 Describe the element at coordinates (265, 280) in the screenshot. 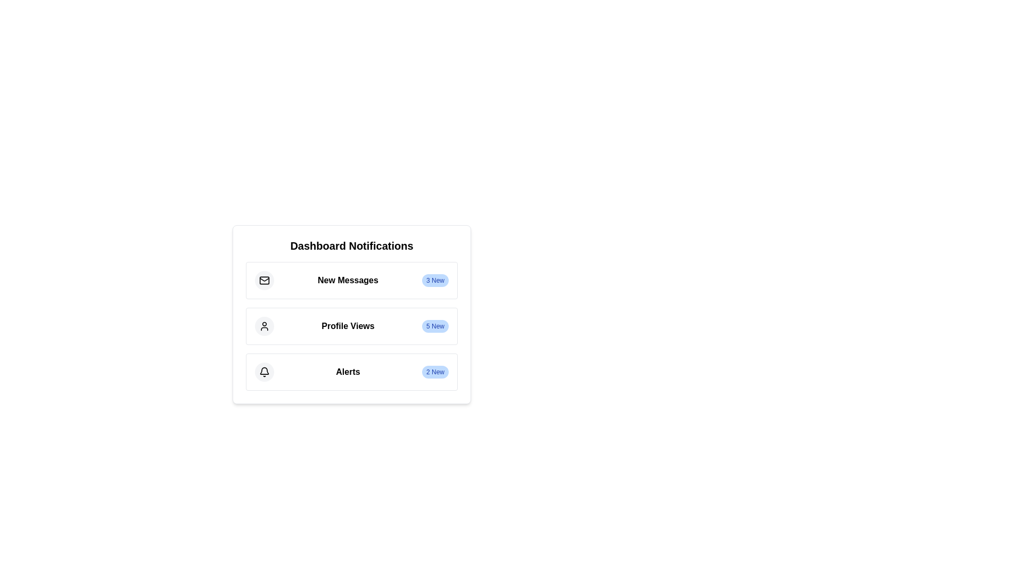

I see `the rectangular body of the envelope icon located in the first row under the 'Dashboard Notifications' title, which is positioned to the left of the 'New Messages' label` at that location.